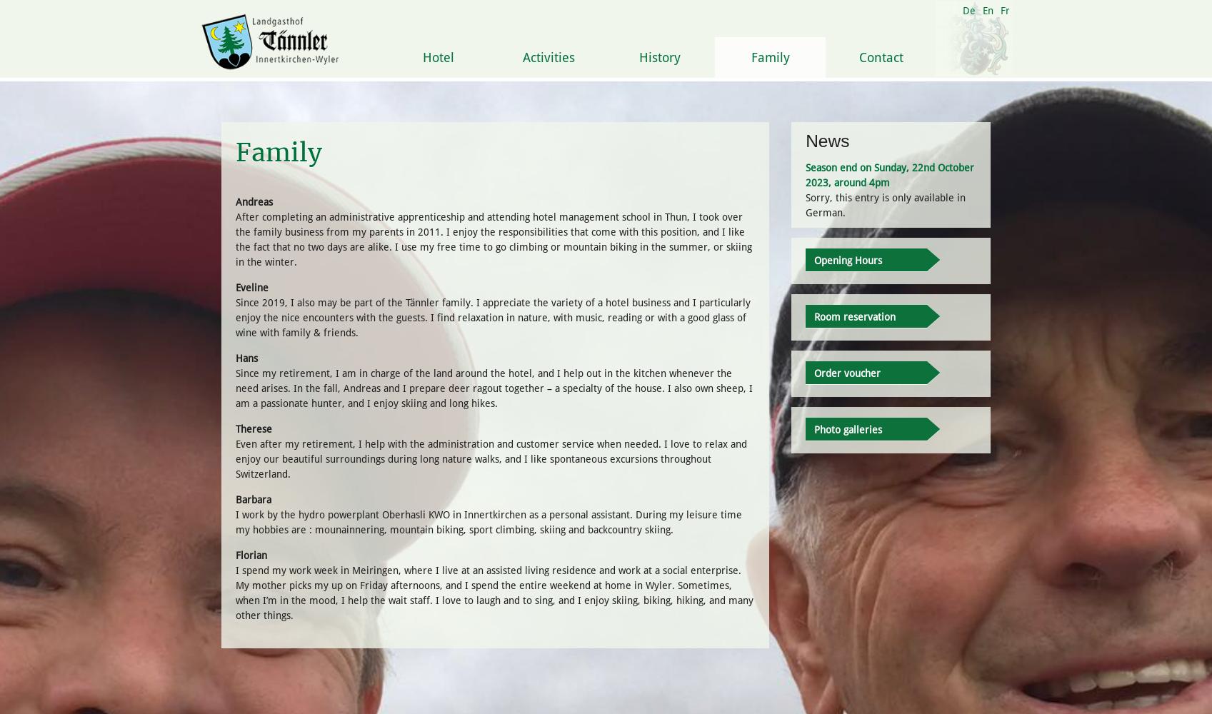 This screenshot has width=1212, height=714. I want to click on 'Family', so click(277, 152).